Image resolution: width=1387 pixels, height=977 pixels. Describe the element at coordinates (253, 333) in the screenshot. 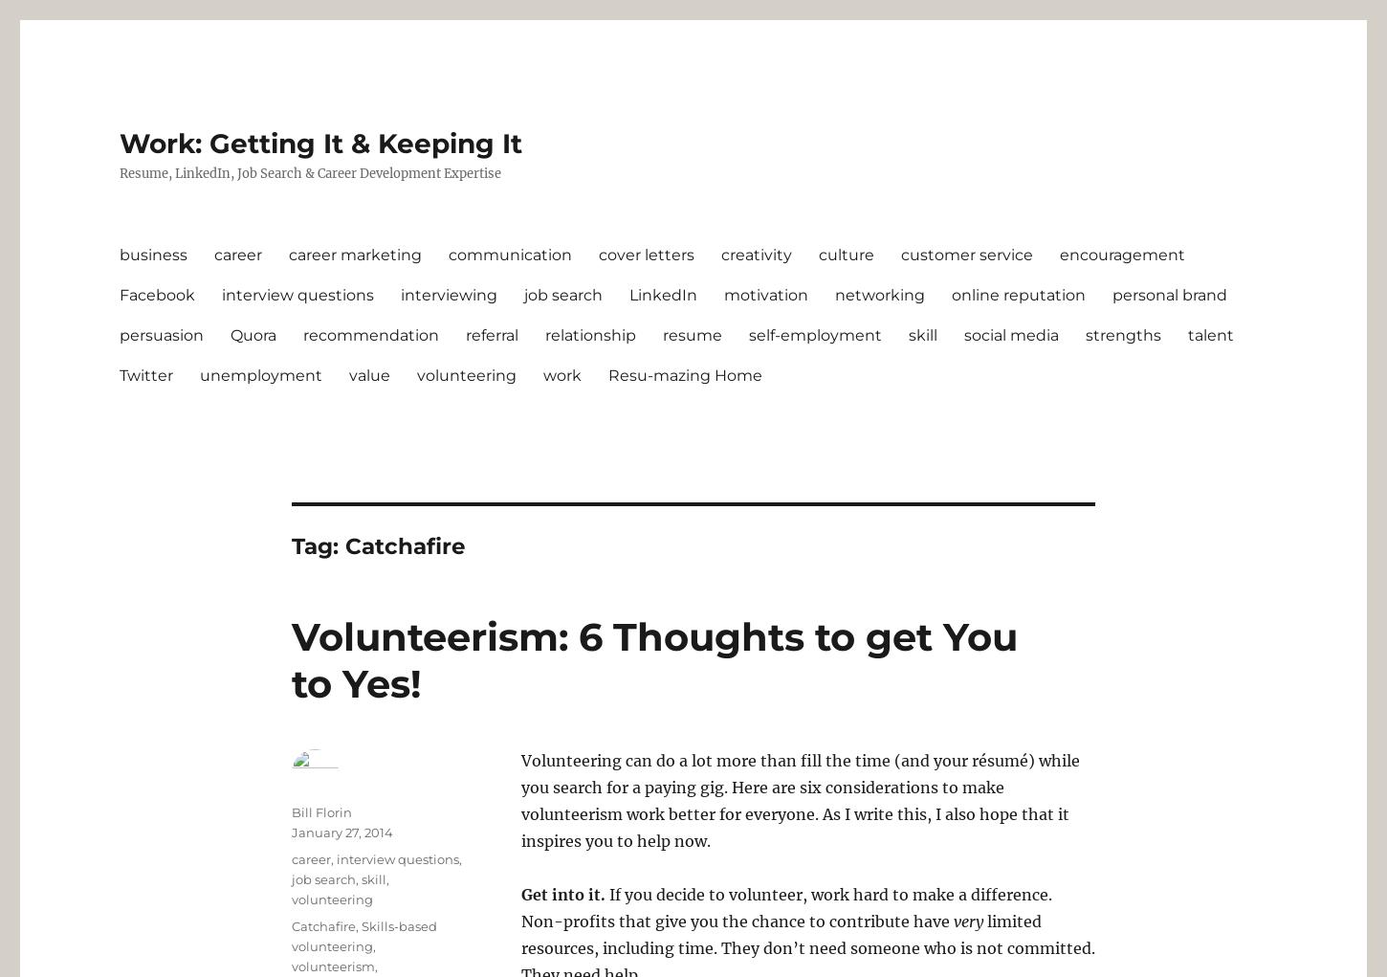

I see `'Quora'` at that location.